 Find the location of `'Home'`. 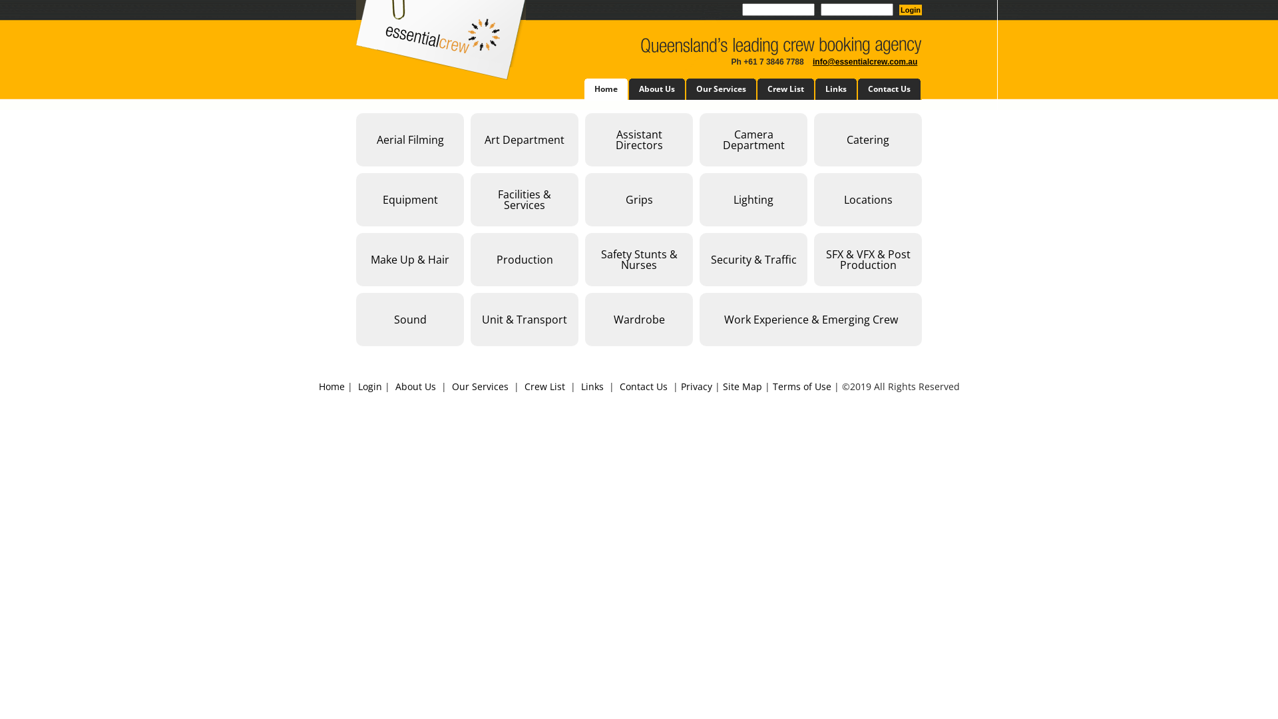

'Home' is located at coordinates (331, 386).